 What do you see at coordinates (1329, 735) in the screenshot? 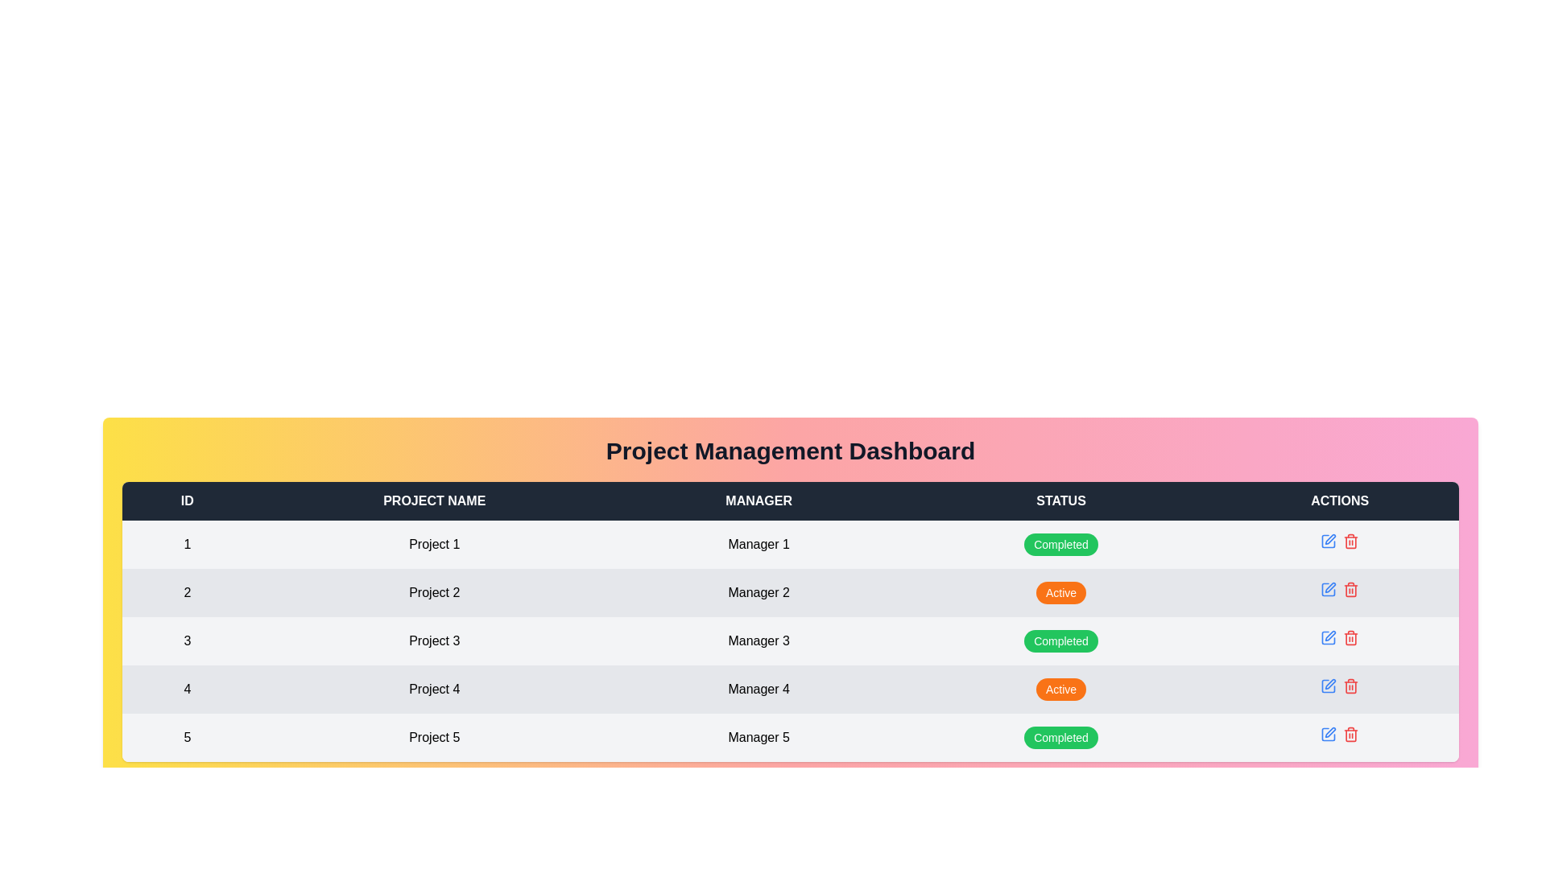
I see `the icon button located in the last row of the table under the 'Actions' column, which is positioned to the left of the red trash bin icon, to initiate an action` at bounding box center [1329, 735].